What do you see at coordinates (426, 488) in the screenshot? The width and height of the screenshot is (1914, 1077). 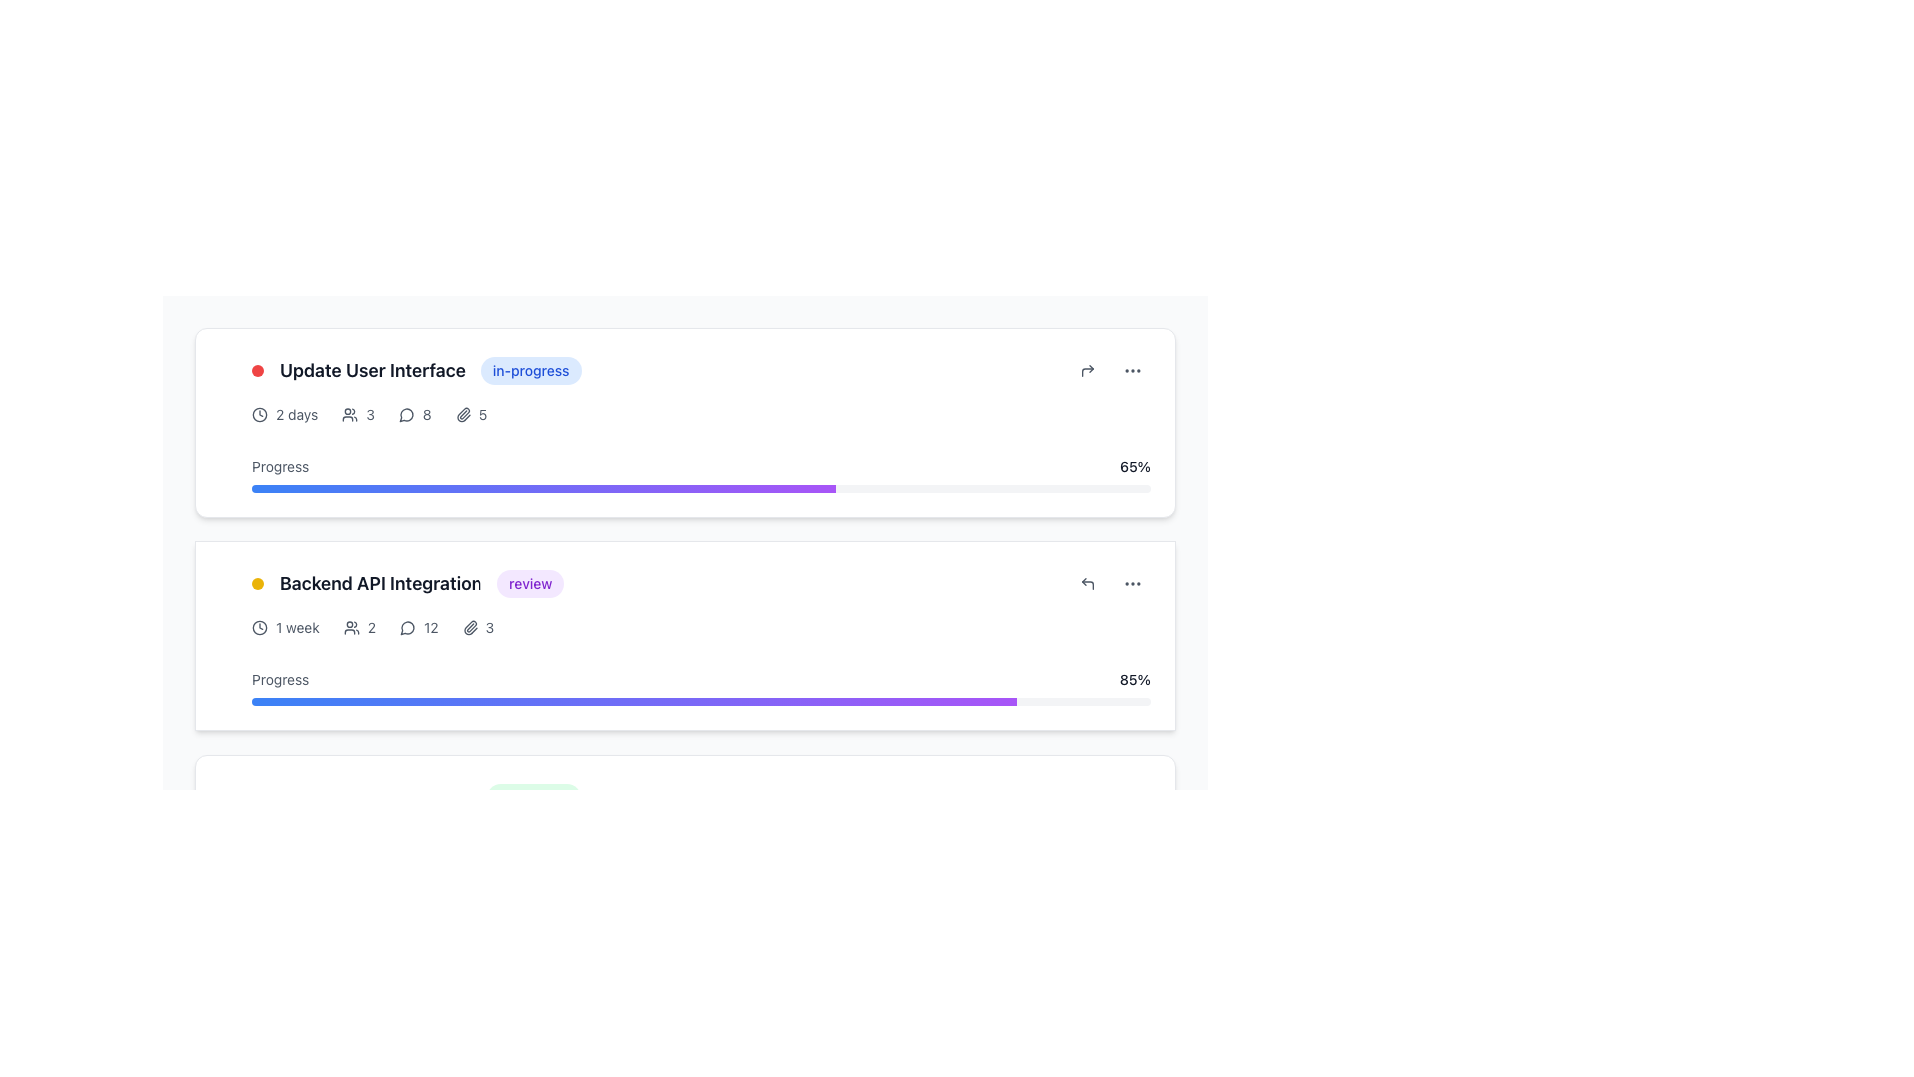 I see `progress` at bounding box center [426, 488].